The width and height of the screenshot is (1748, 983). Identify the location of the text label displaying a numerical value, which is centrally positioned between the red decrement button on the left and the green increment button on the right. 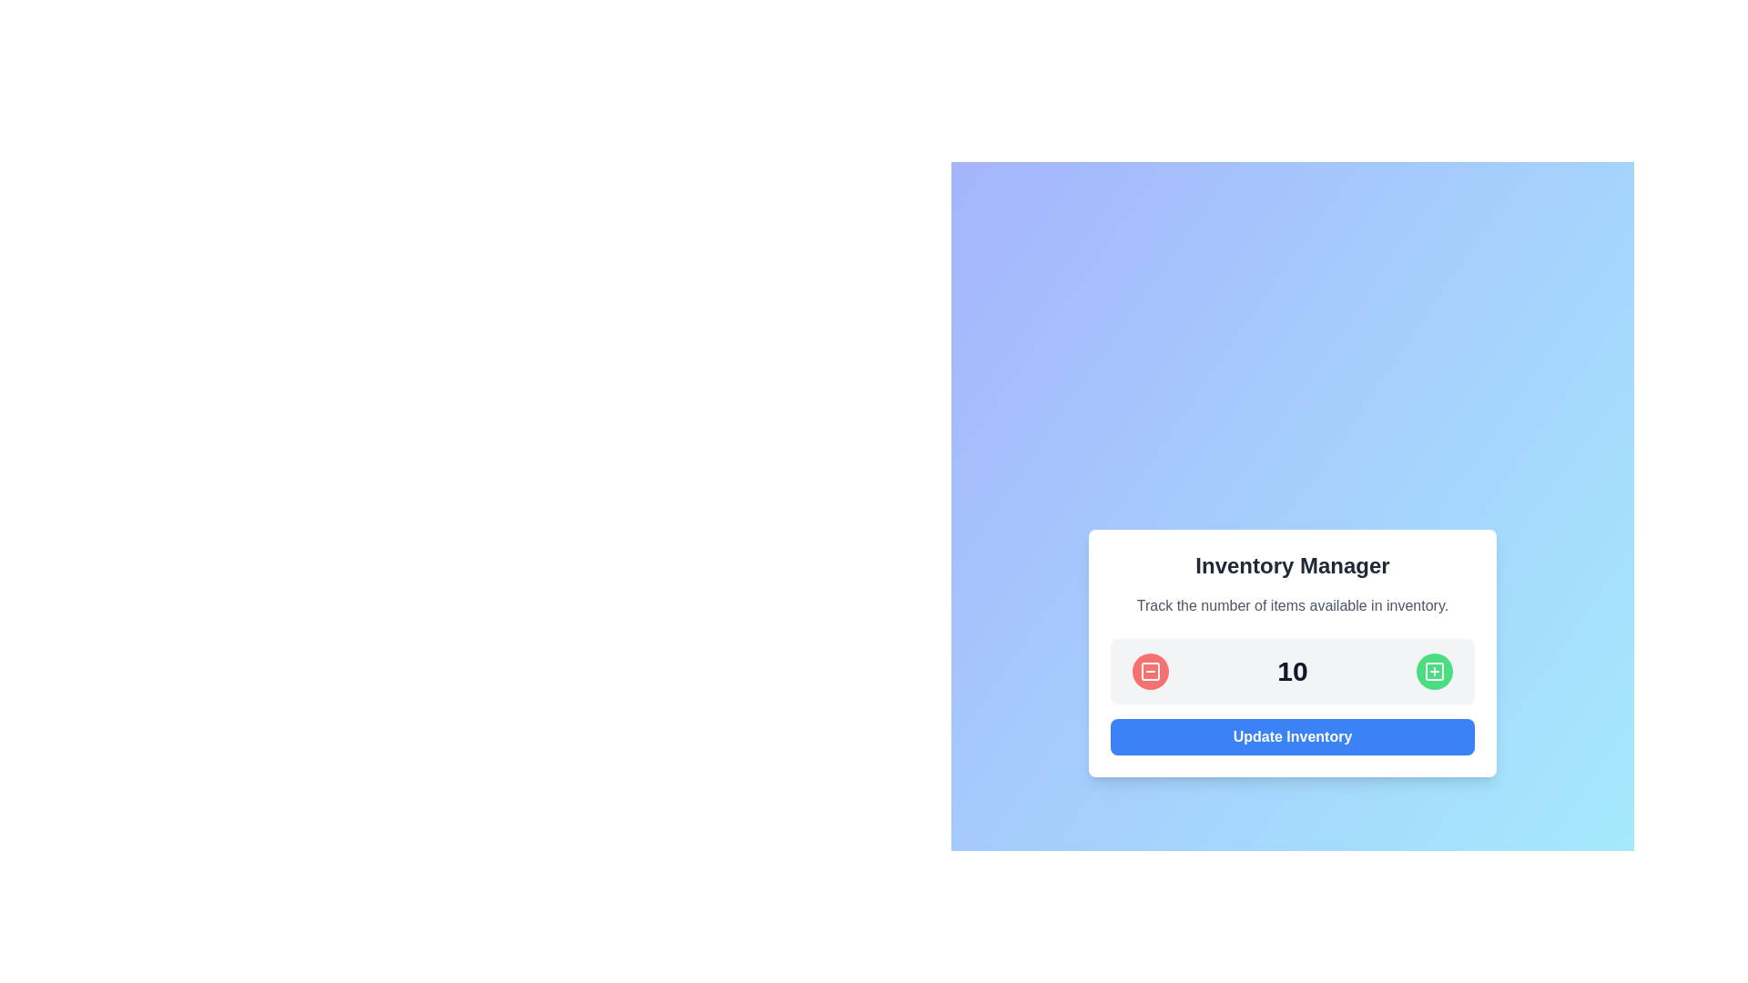
(1292, 671).